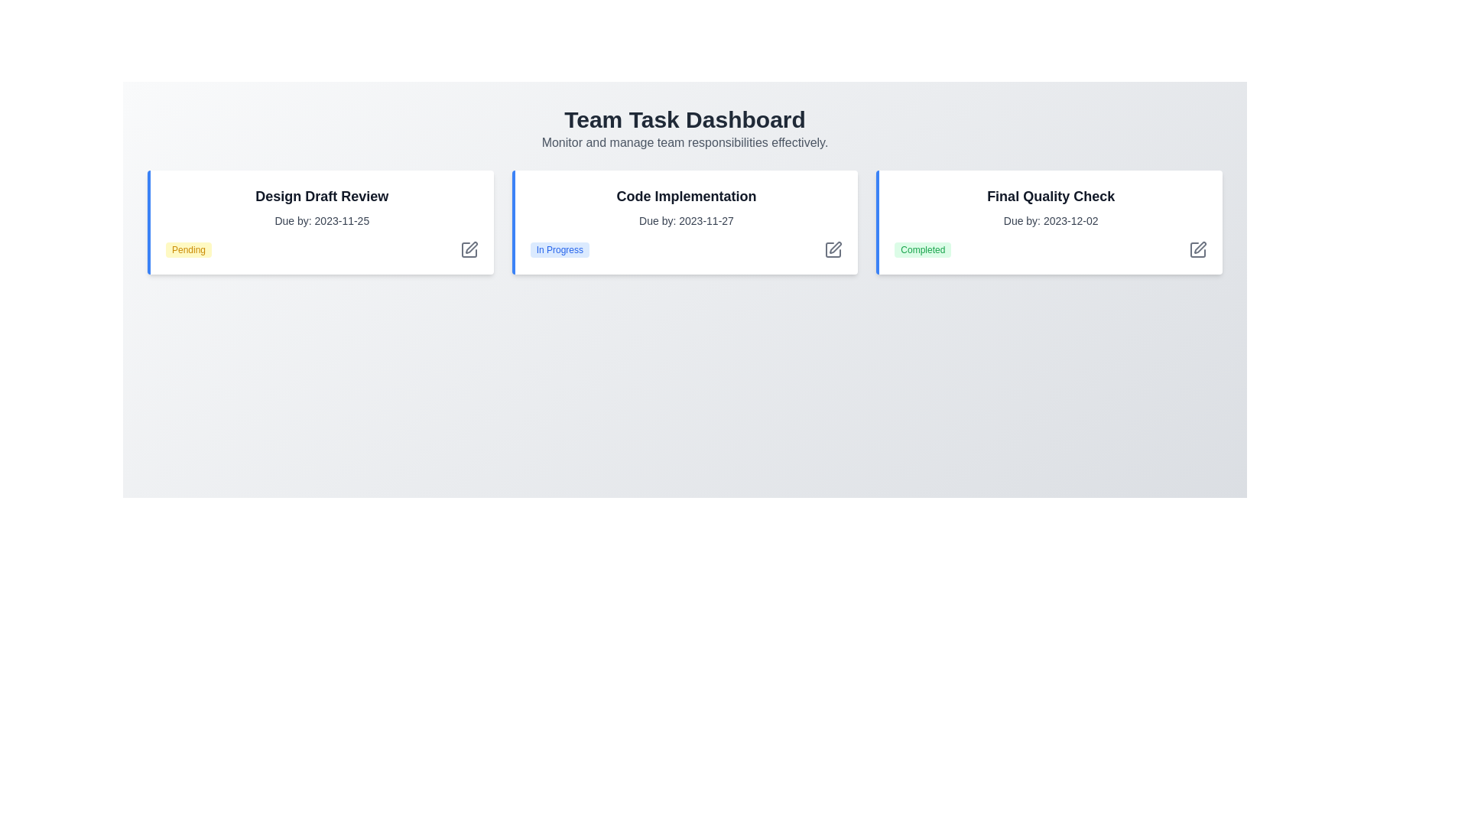 This screenshot has height=826, width=1468. I want to click on the due date text label located in the leftmost 'Design Draft Review' card, positioned below the title and above the 'Pending' status indicator, so click(321, 221).